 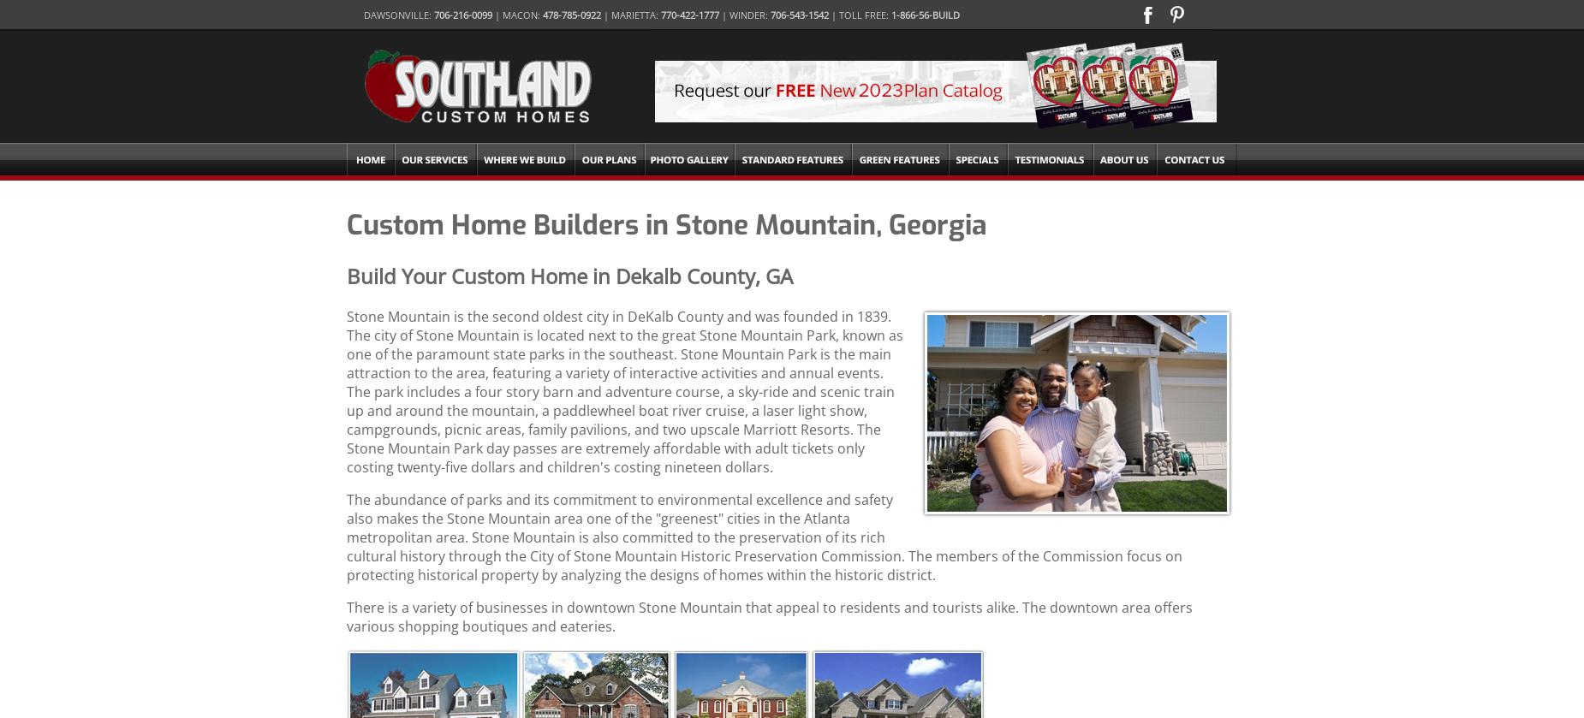 What do you see at coordinates (399, 15) in the screenshot?
I see `'Dawsonville:'` at bounding box center [399, 15].